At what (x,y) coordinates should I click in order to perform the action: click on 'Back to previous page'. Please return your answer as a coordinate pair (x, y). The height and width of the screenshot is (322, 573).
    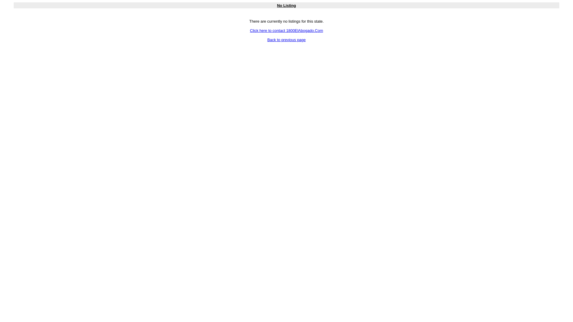
    Looking at the image, I should click on (286, 40).